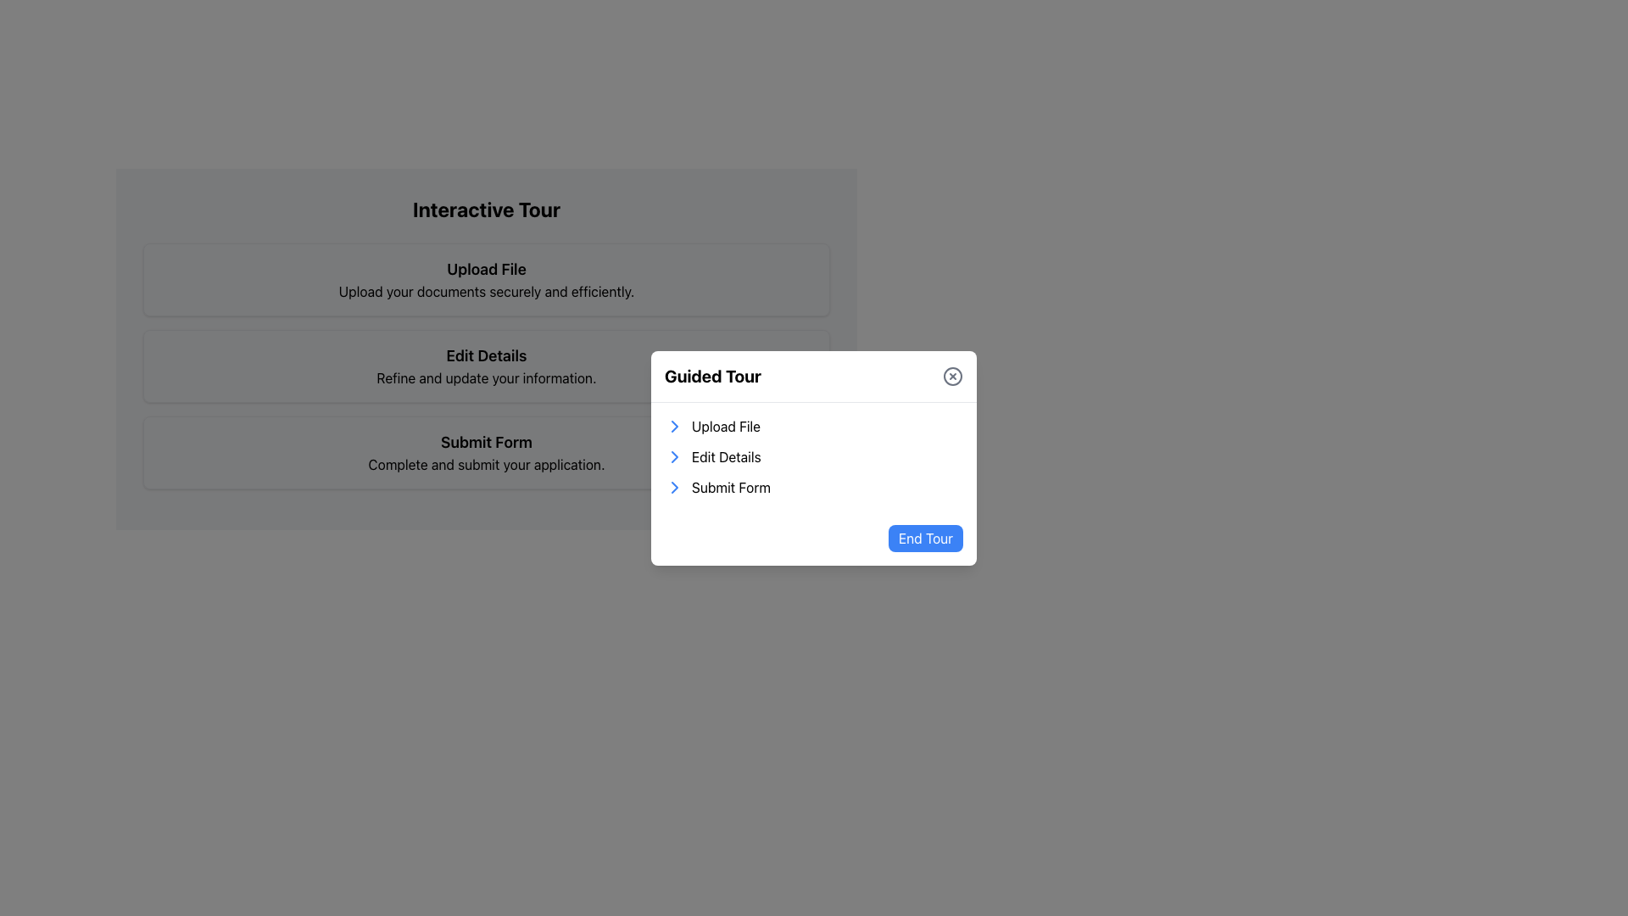  I want to click on the text label stating 'Refine and update your information.' which is centrally located in the second section of the vertical stack, so click(486, 377).